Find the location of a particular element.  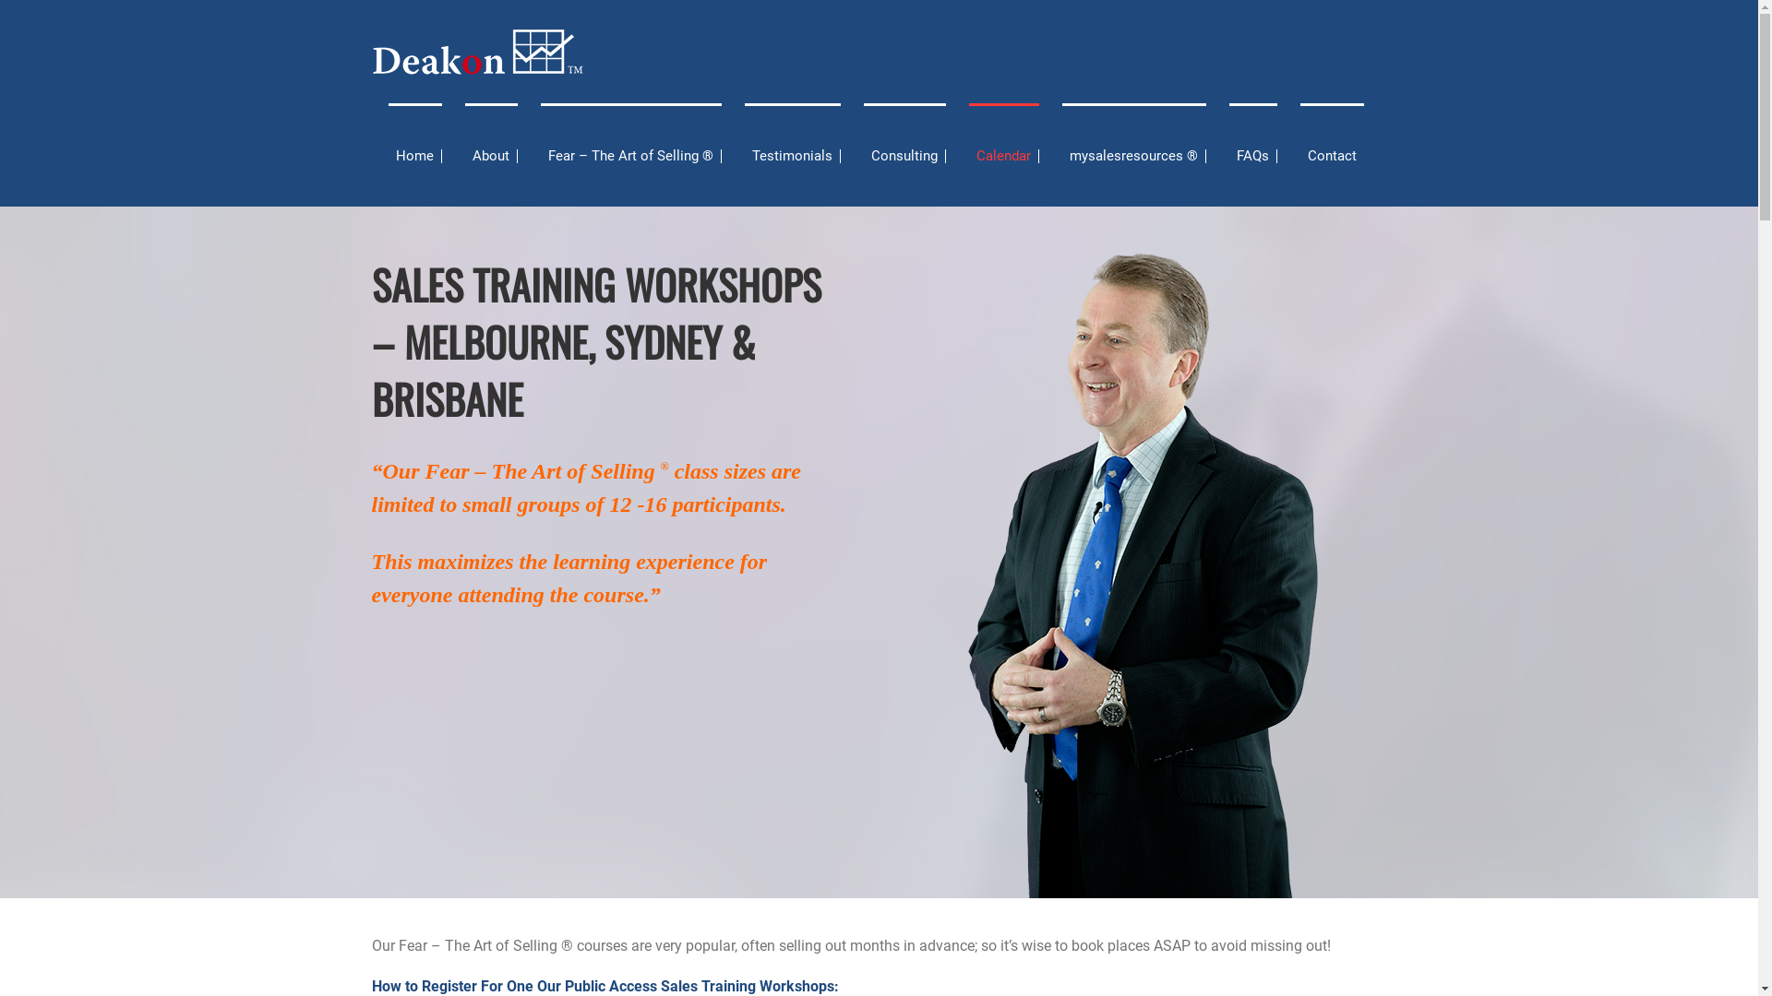

'Consulting' is located at coordinates (904, 154).